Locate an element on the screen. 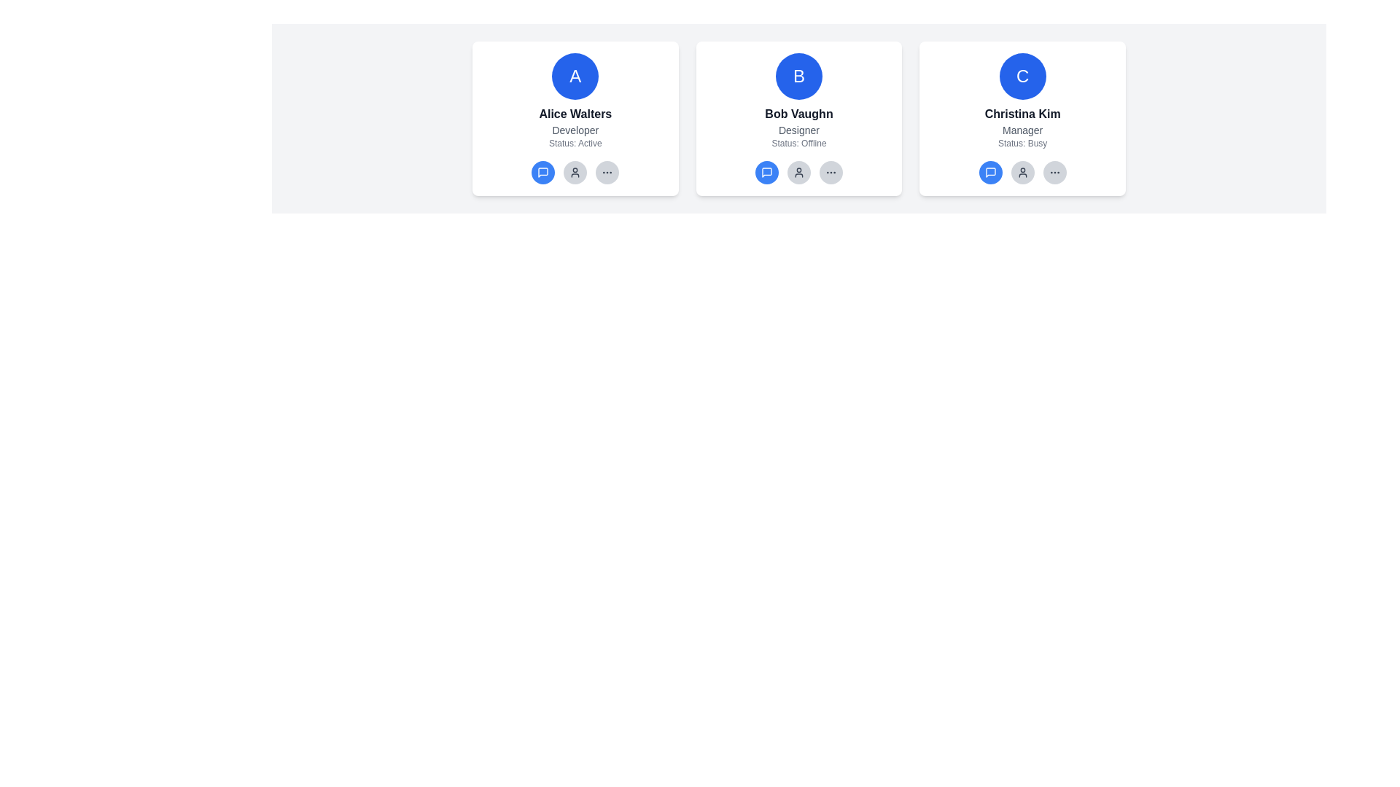 The image size is (1400, 787). the label displaying the name 'Bob Vaughn', which is the second text label in the card interface, located centrally beneath the icon with the letter 'B' is located at coordinates (798, 114).